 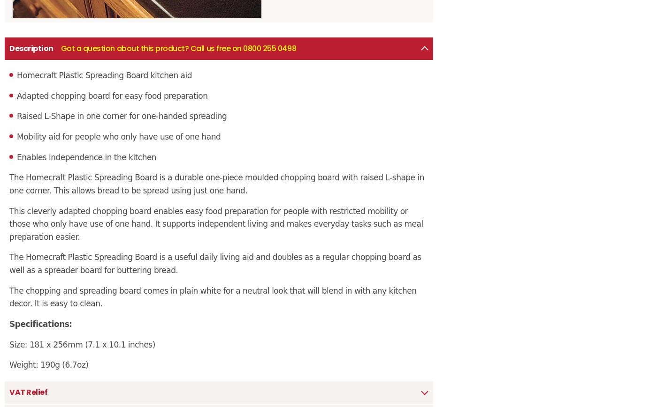 I want to click on 'Terms & conditions', so click(x=4, y=188).